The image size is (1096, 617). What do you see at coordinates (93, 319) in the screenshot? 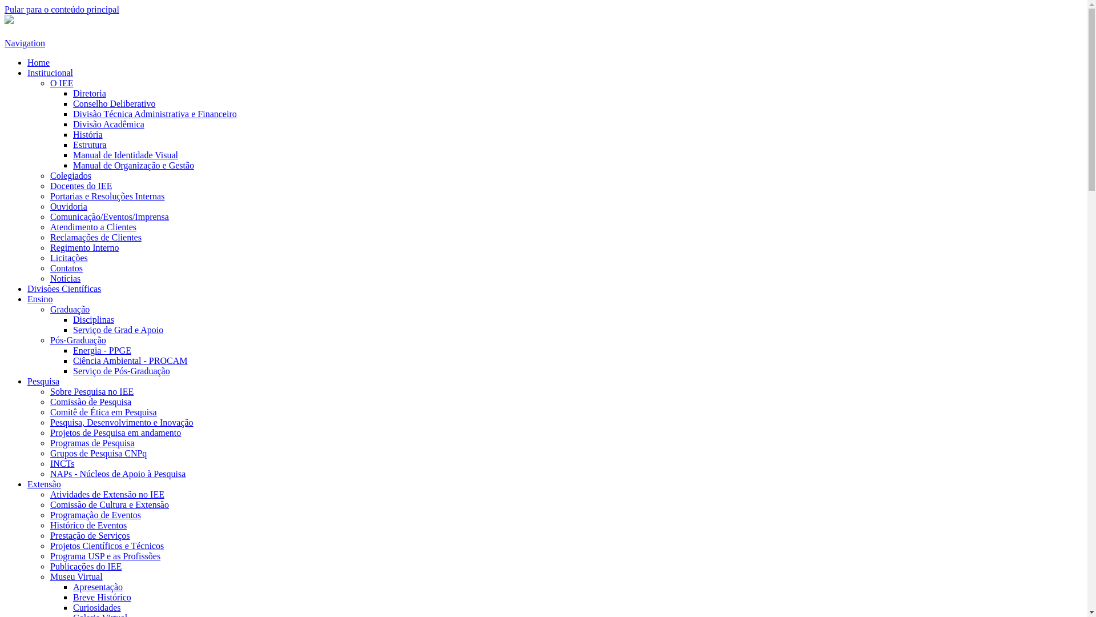
I see `'Disciplinas'` at bounding box center [93, 319].